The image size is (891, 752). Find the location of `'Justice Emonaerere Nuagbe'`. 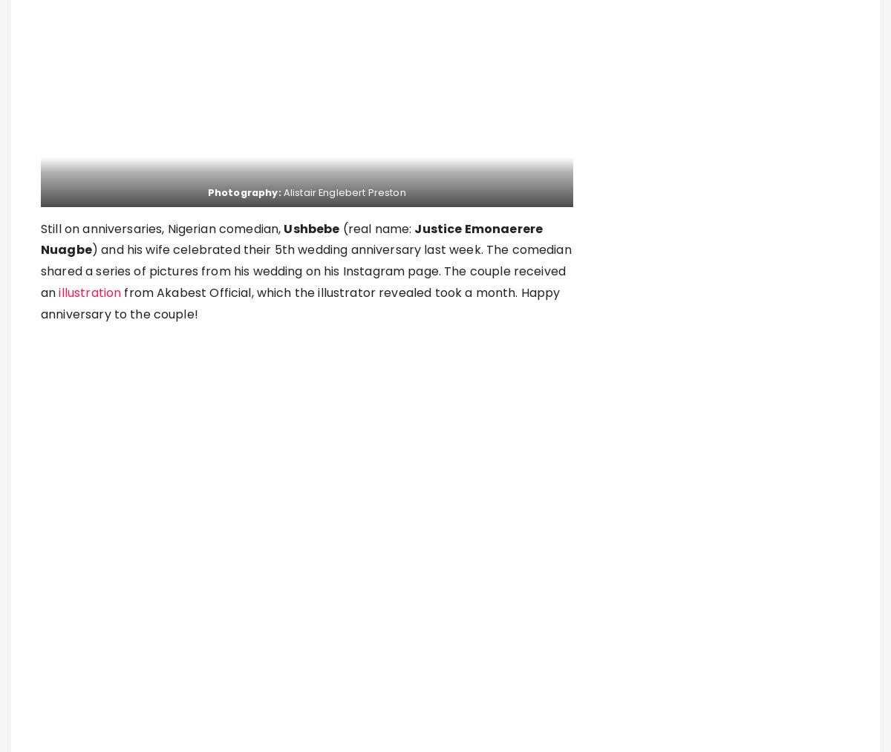

'Justice Emonaerere Nuagbe' is located at coordinates (40, 239).